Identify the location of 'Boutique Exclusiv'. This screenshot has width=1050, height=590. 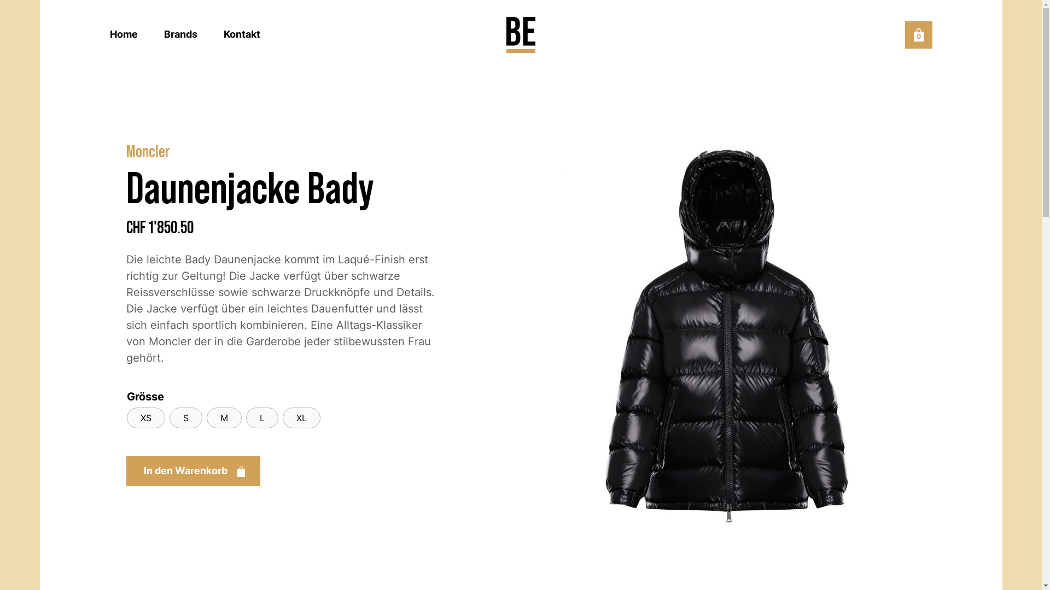
(520, 34).